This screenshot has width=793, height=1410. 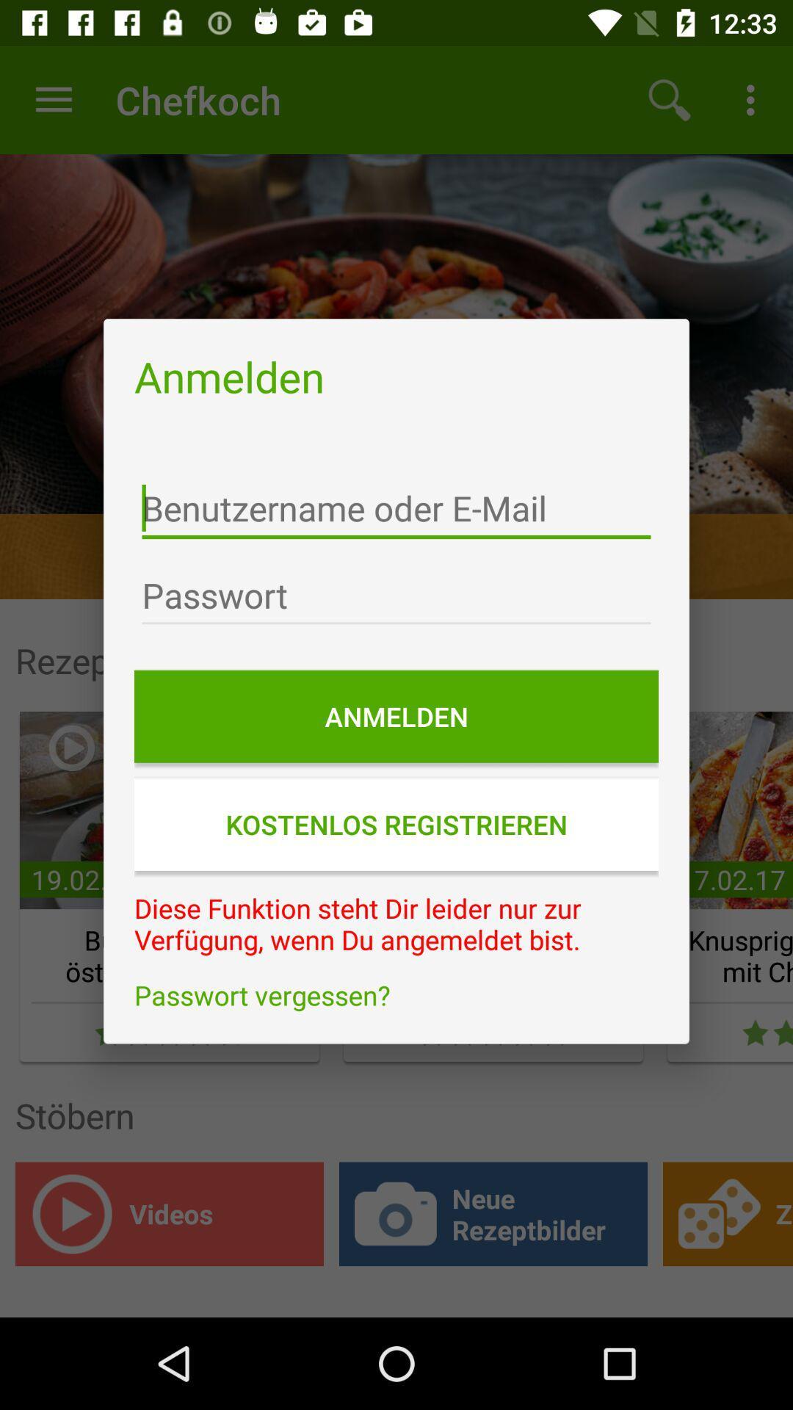 I want to click on user email, so click(x=396, y=508).